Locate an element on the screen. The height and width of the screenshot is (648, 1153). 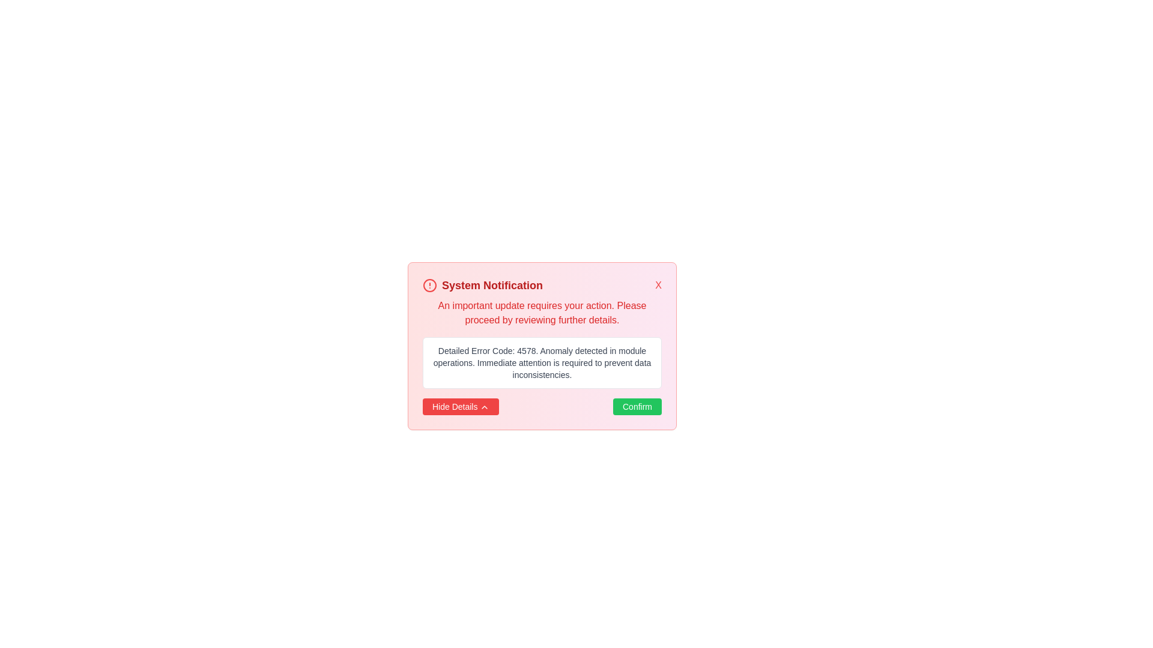
'Confirm' button to acknowledge the notification is located at coordinates (636, 406).